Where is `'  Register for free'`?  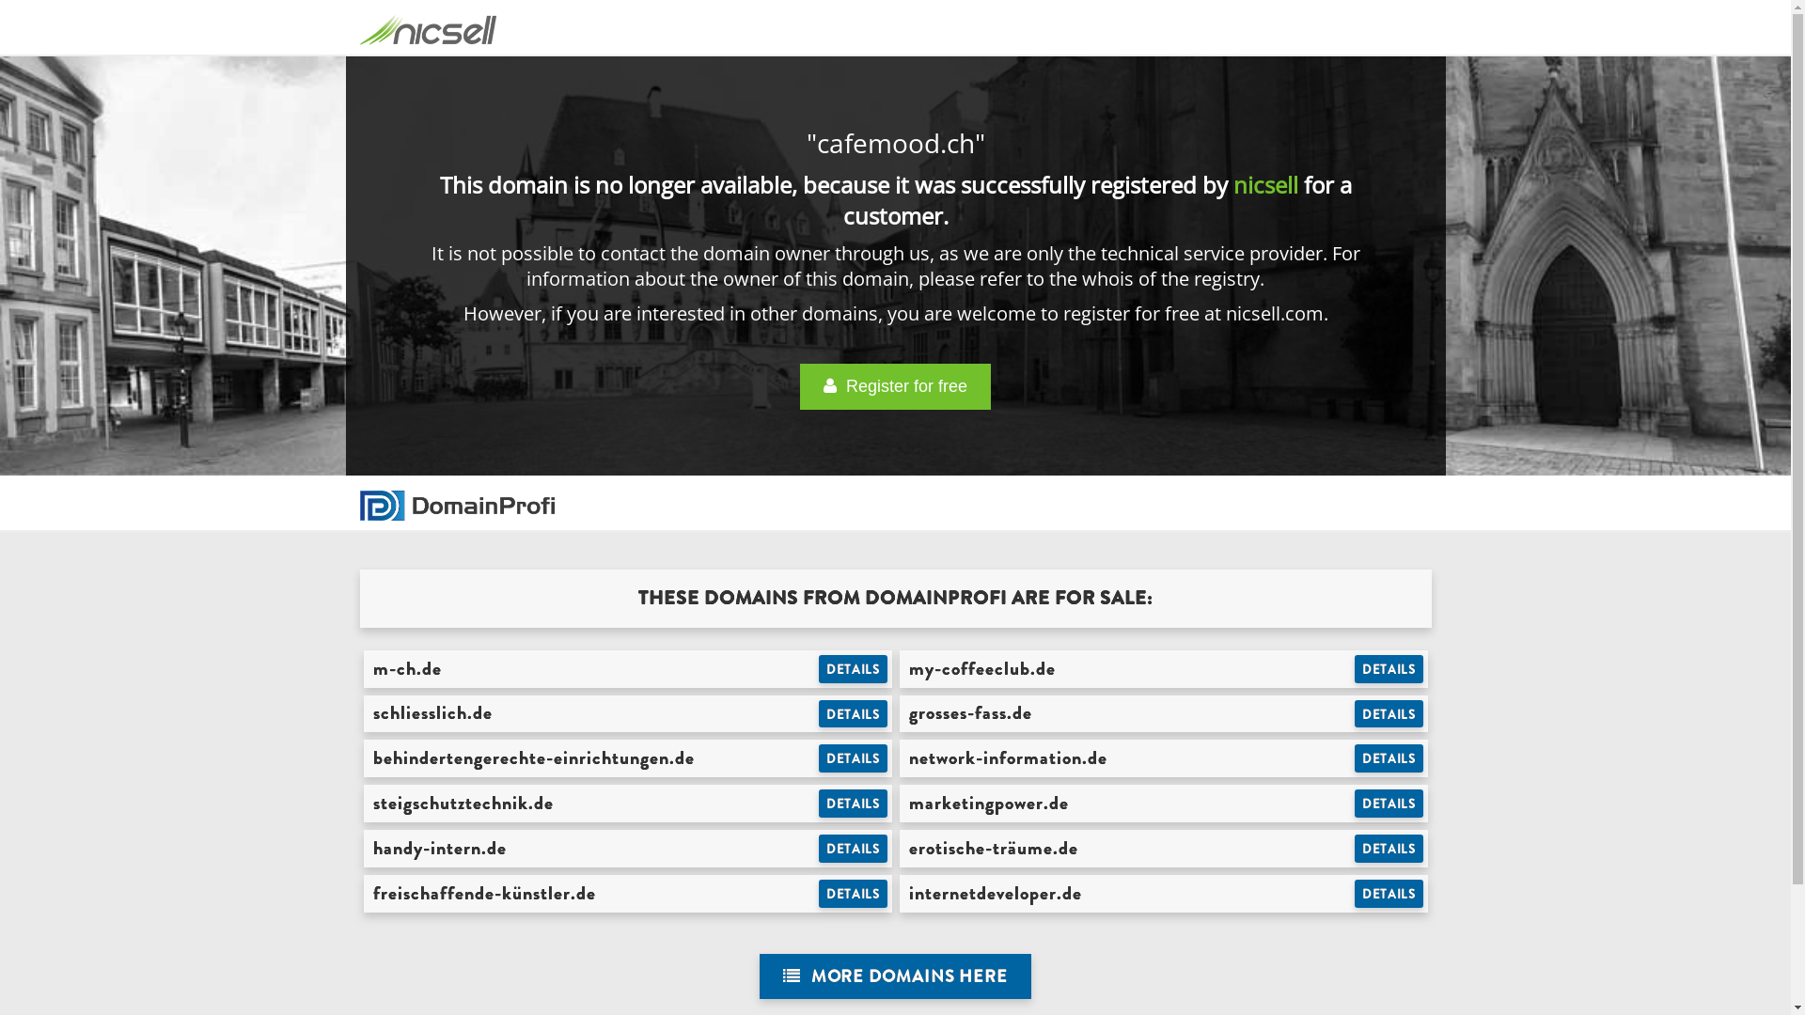 '  Register for free' is located at coordinates (894, 385).